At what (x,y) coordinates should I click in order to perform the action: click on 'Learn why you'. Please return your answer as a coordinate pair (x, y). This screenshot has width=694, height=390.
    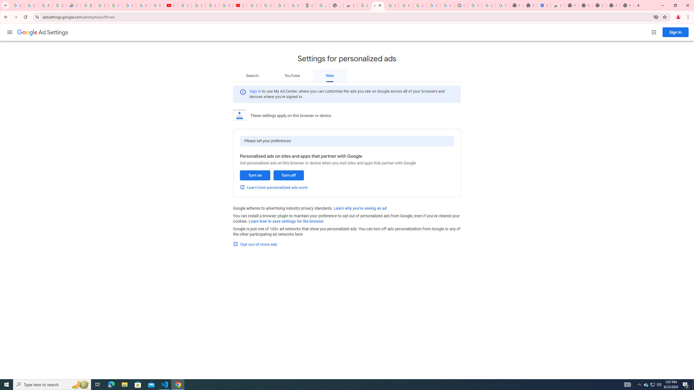
    Looking at the image, I should click on (360, 208).